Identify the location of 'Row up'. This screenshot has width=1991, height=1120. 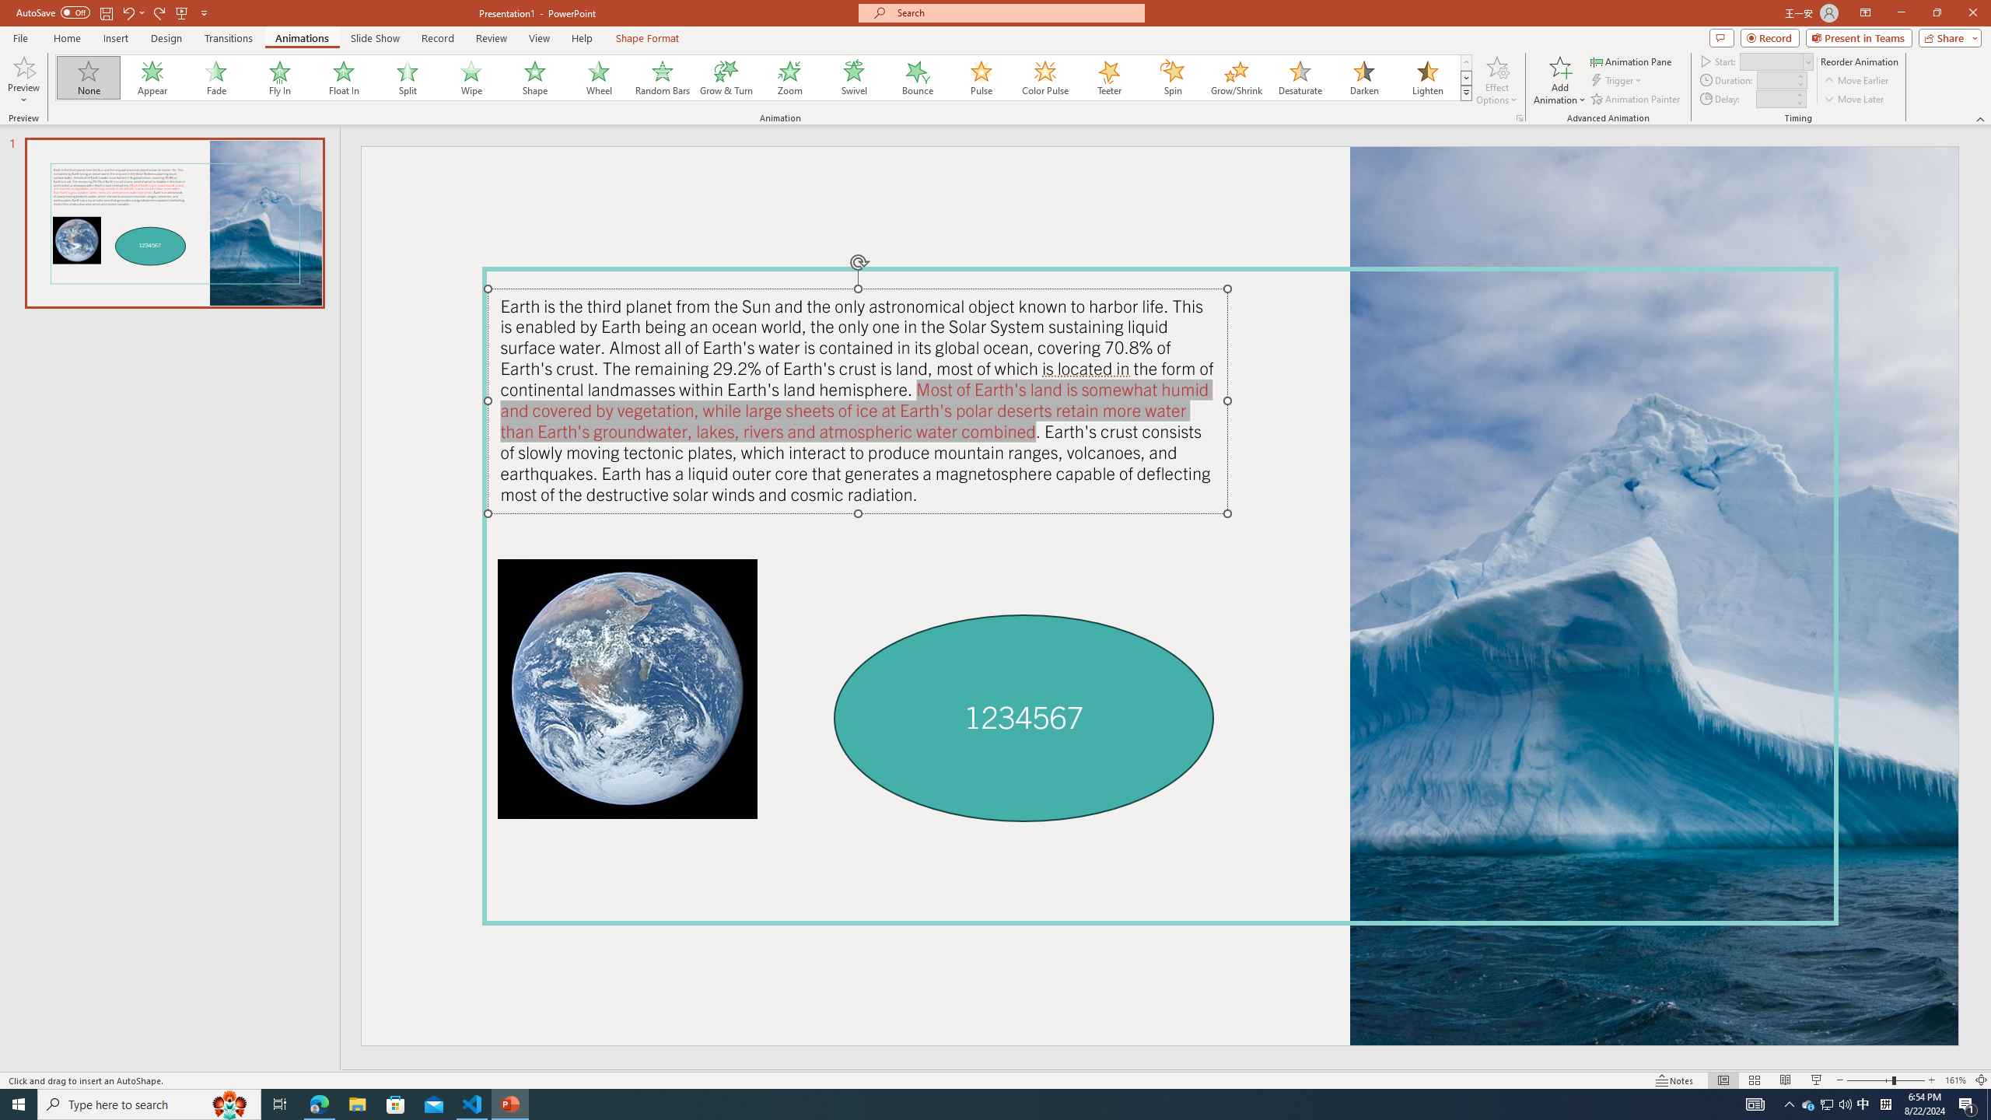
(1465, 62).